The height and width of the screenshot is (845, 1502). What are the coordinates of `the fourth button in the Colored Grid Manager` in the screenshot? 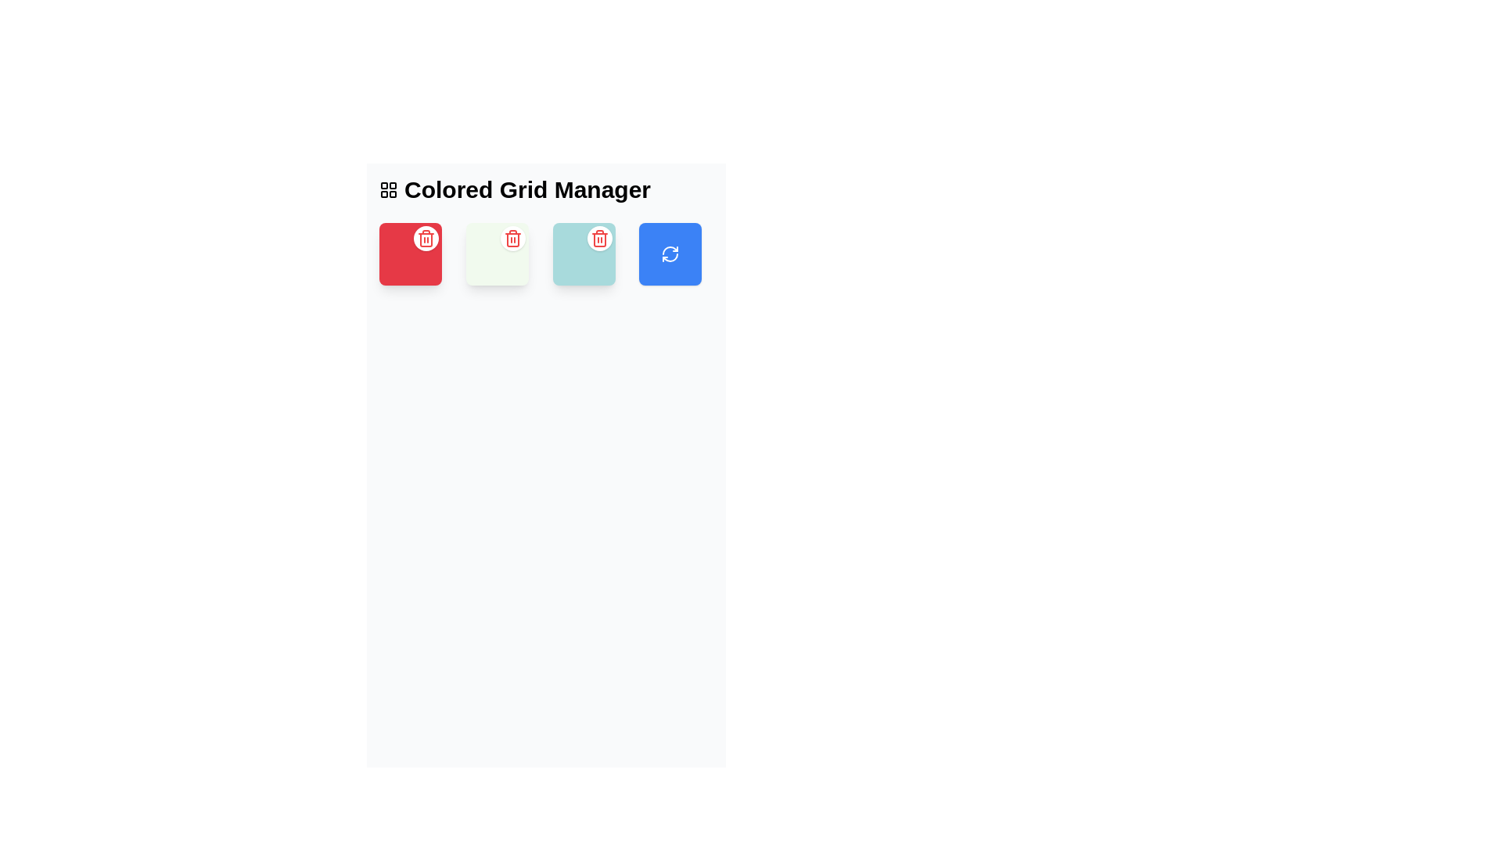 It's located at (670, 253).